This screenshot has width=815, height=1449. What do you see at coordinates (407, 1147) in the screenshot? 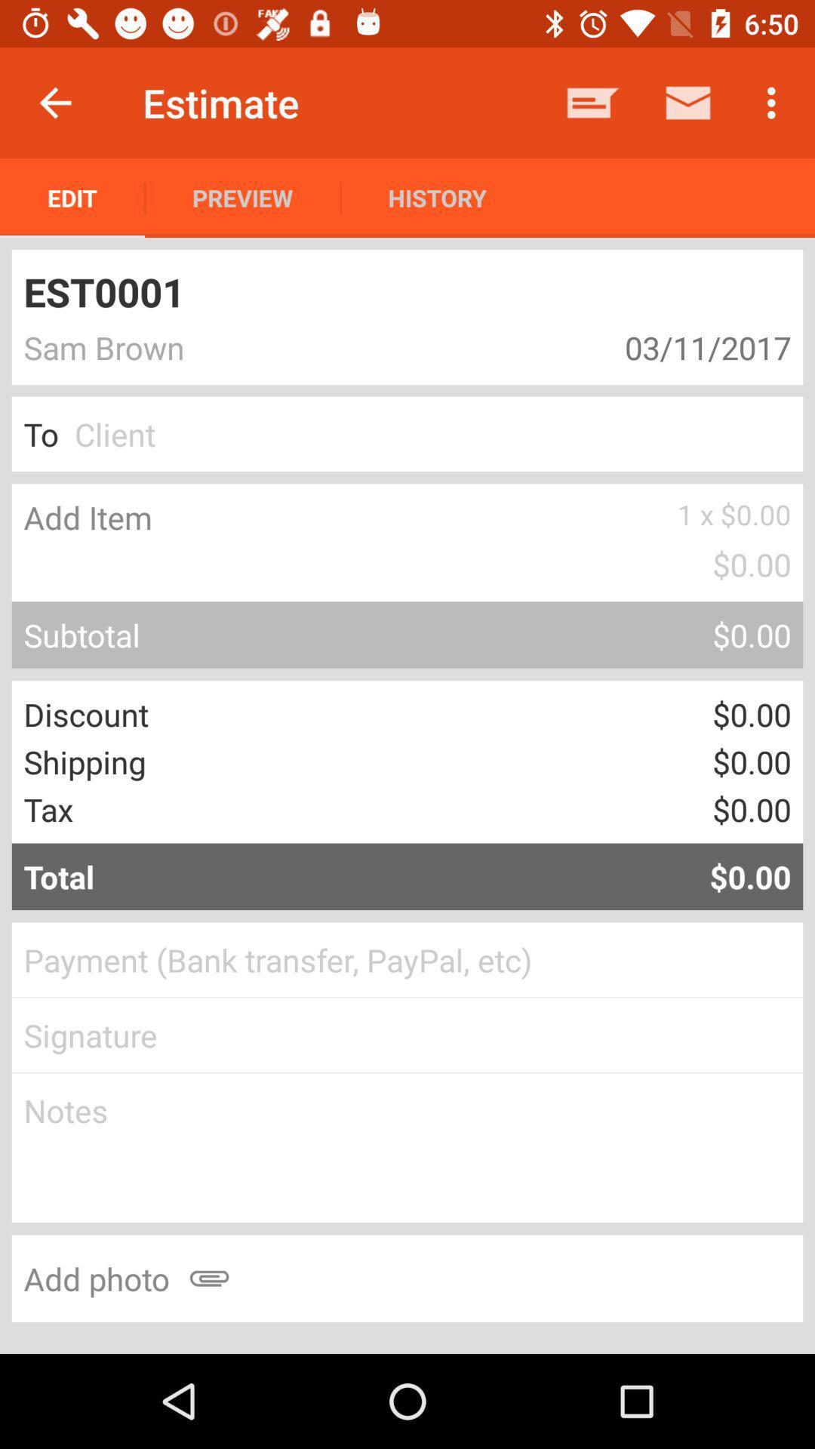
I see `a place for notes` at bounding box center [407, 1147].